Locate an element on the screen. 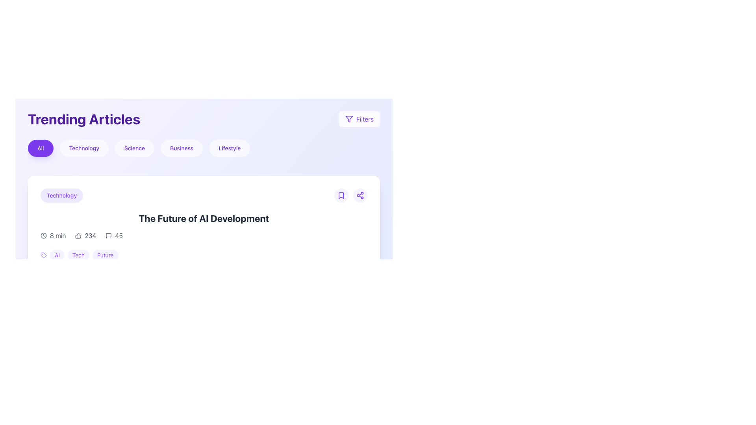 This screenshot has height=425, width=756. the visual indicator icon that shows the estimated reading time, which is positioned to the left of the text '8 min' and centrally aligned within its horizontal group below the article title is located at coordinates (43, 235).